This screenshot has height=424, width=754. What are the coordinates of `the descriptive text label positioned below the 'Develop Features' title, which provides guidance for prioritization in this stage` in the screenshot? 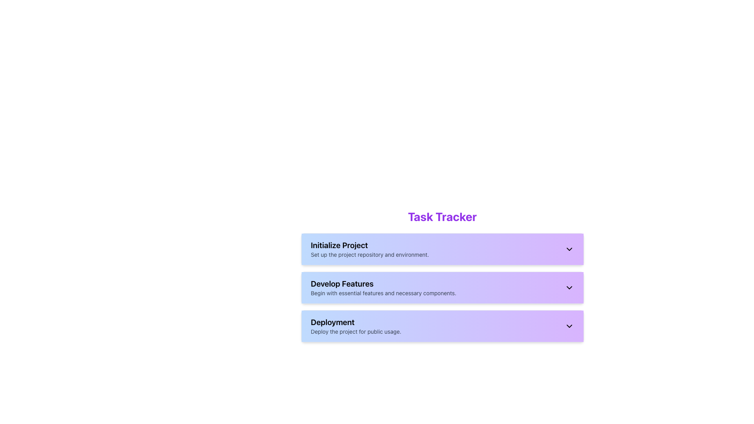 It's located at (383, 293).